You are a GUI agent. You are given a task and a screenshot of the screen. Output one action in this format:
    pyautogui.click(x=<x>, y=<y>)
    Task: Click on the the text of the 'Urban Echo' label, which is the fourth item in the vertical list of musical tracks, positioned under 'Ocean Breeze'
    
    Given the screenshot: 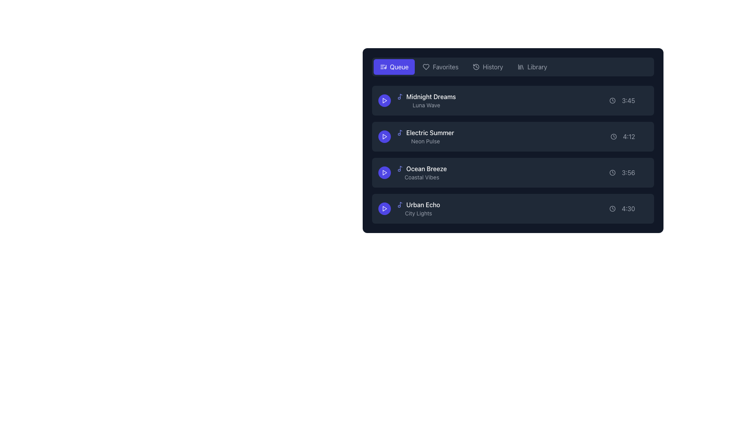 What is the action you would take?
    pyautogui.click(x=418, y=208)
    